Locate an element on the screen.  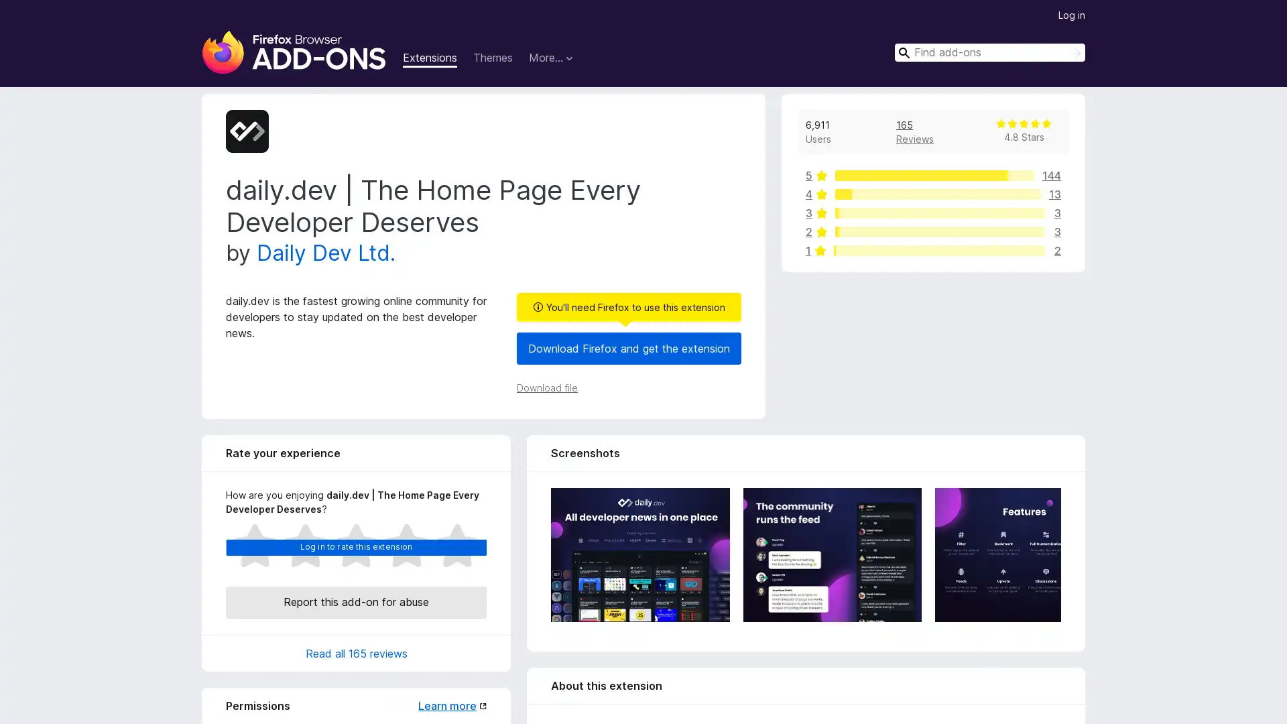
Search is located at coordinates (1075, 53).